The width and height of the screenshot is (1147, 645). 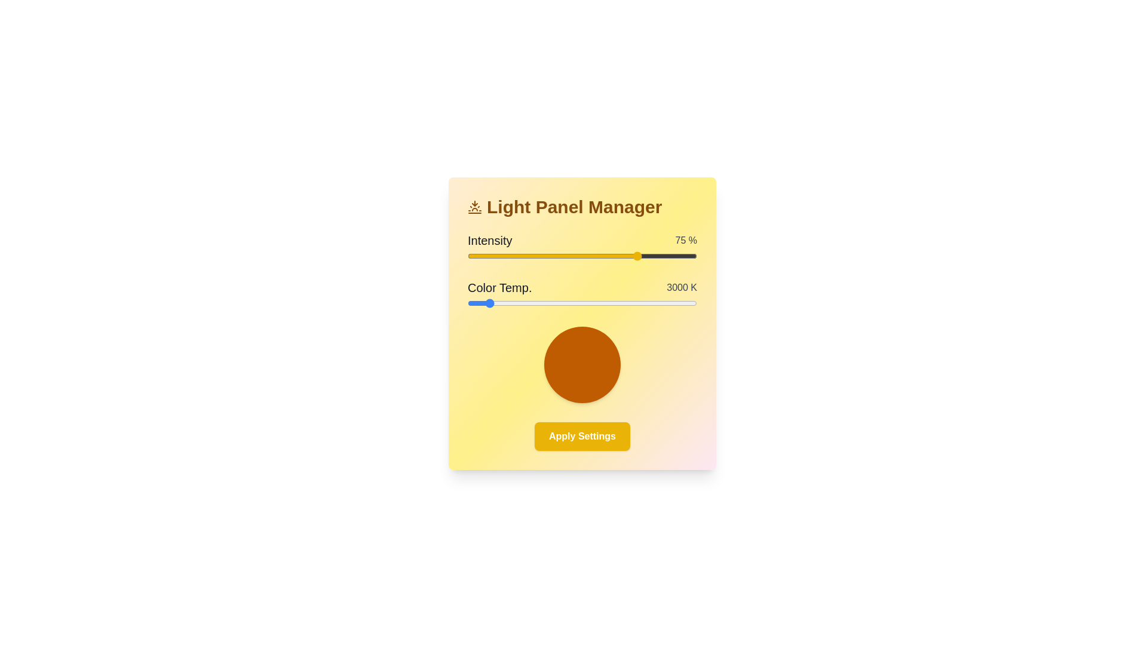 I want to click on the color temperature slider to 4461 K, so click(x=573, y=303).